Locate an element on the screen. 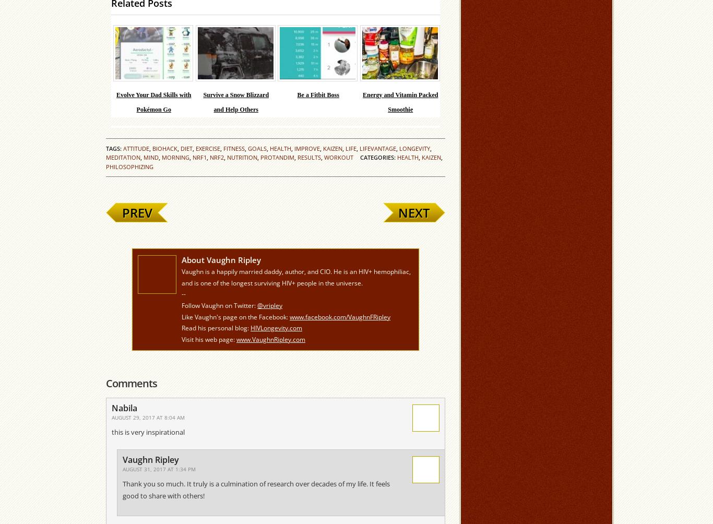 This screenshot has height=524, width=713. 'nutrition' is located at coordinates (242, 157).